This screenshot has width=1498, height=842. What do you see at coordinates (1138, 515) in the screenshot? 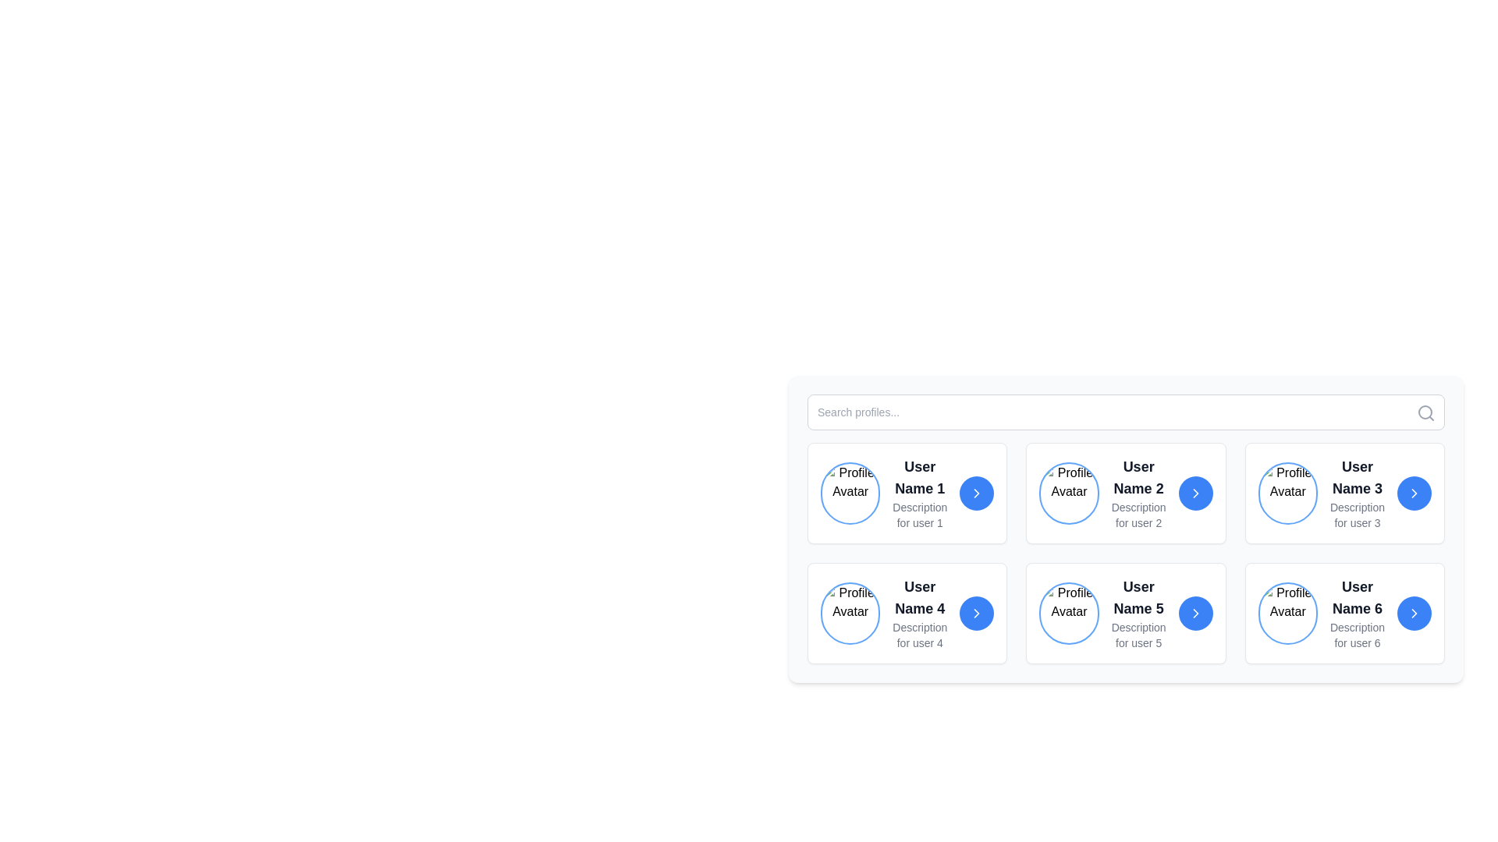
I see `the text label displaying 'Description for user 2', which is located below 'User Name 2' in the second profile card of the grid structure` at bounding box center [1138, 515].